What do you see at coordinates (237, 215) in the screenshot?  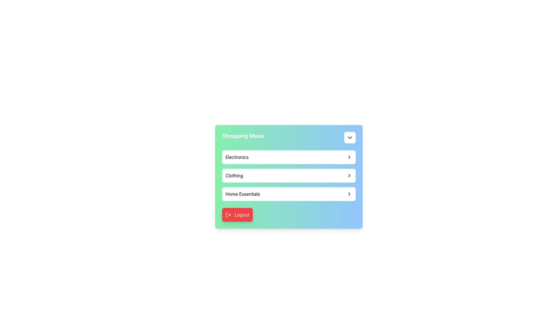 I see `the bright red 'Logout' button located at the bottom left corner of the menu interface` at bounding box center [237, 215].